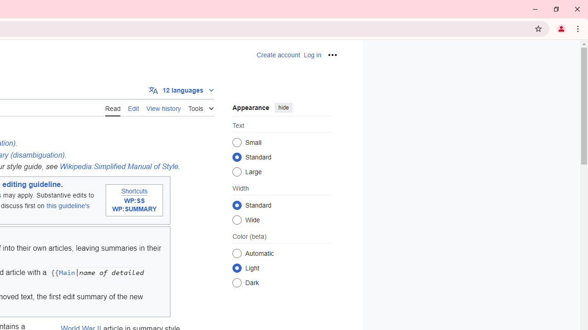 The height and width of the screenshot is (330, 588). What do you see at coordinates (237, 253) in the screenshot?
I see `'Automatic'` at bounding box center [237, 253].